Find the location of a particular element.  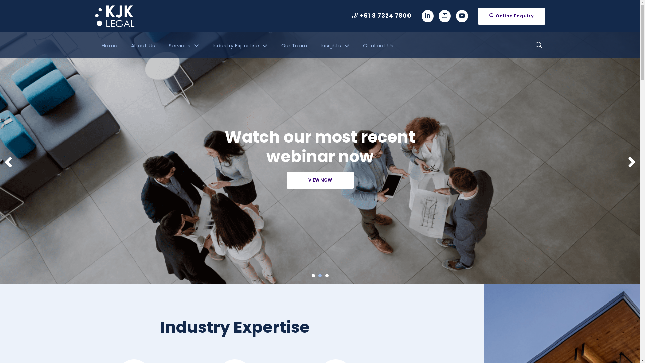

'VIEW NOW' is located at coordinates (319, 180).